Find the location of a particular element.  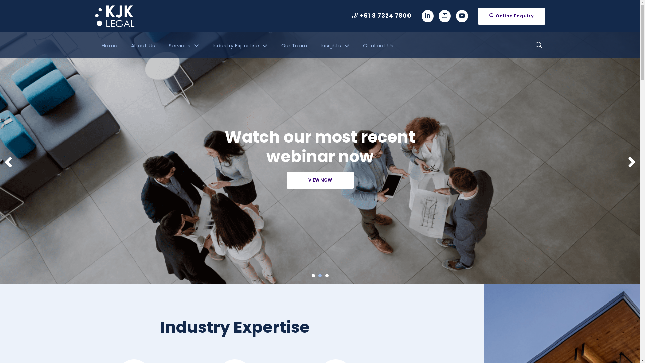

'VIEW NOW' is located at coordinates (319, 180).